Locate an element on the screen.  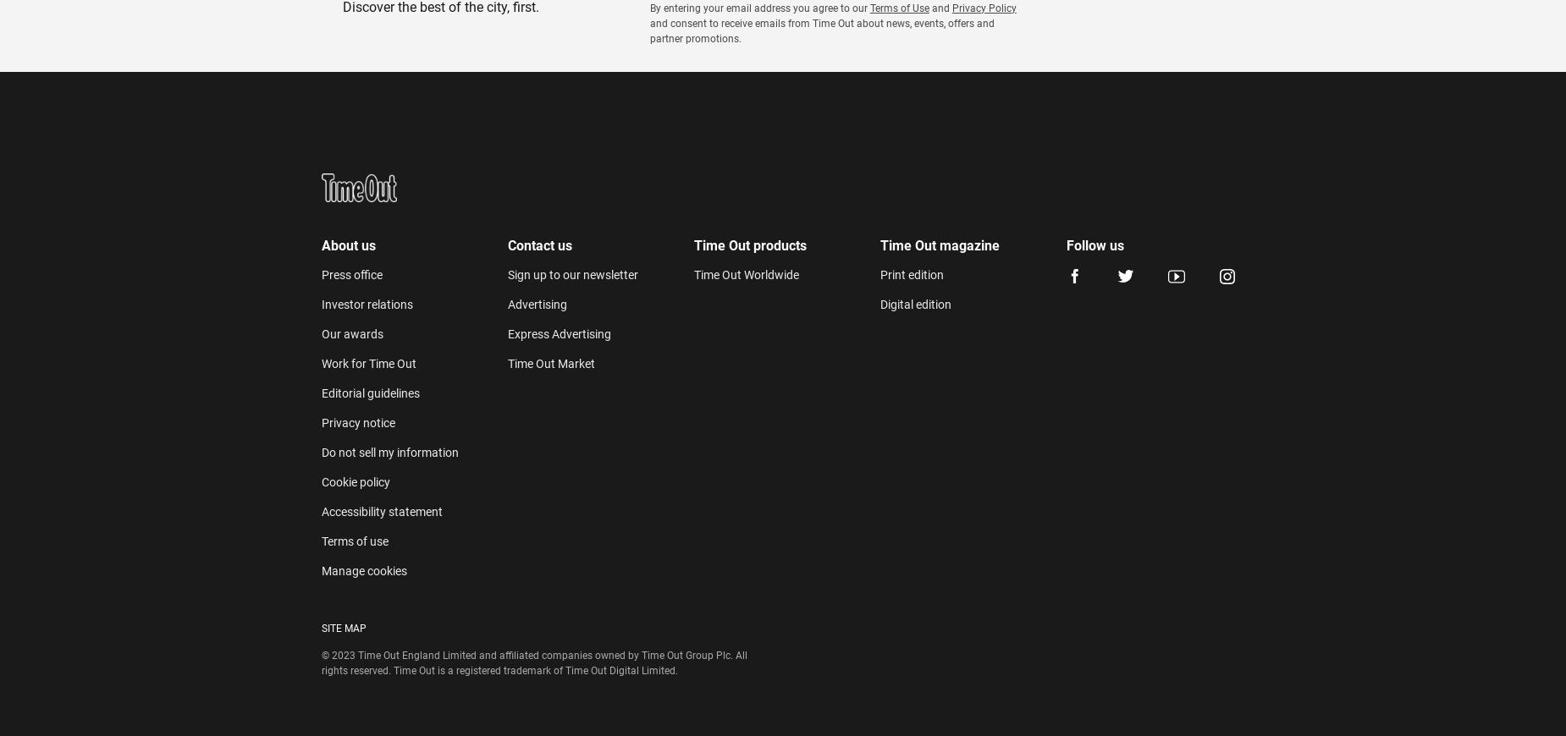
'Time Out products' is located at coordinates (750, 244).